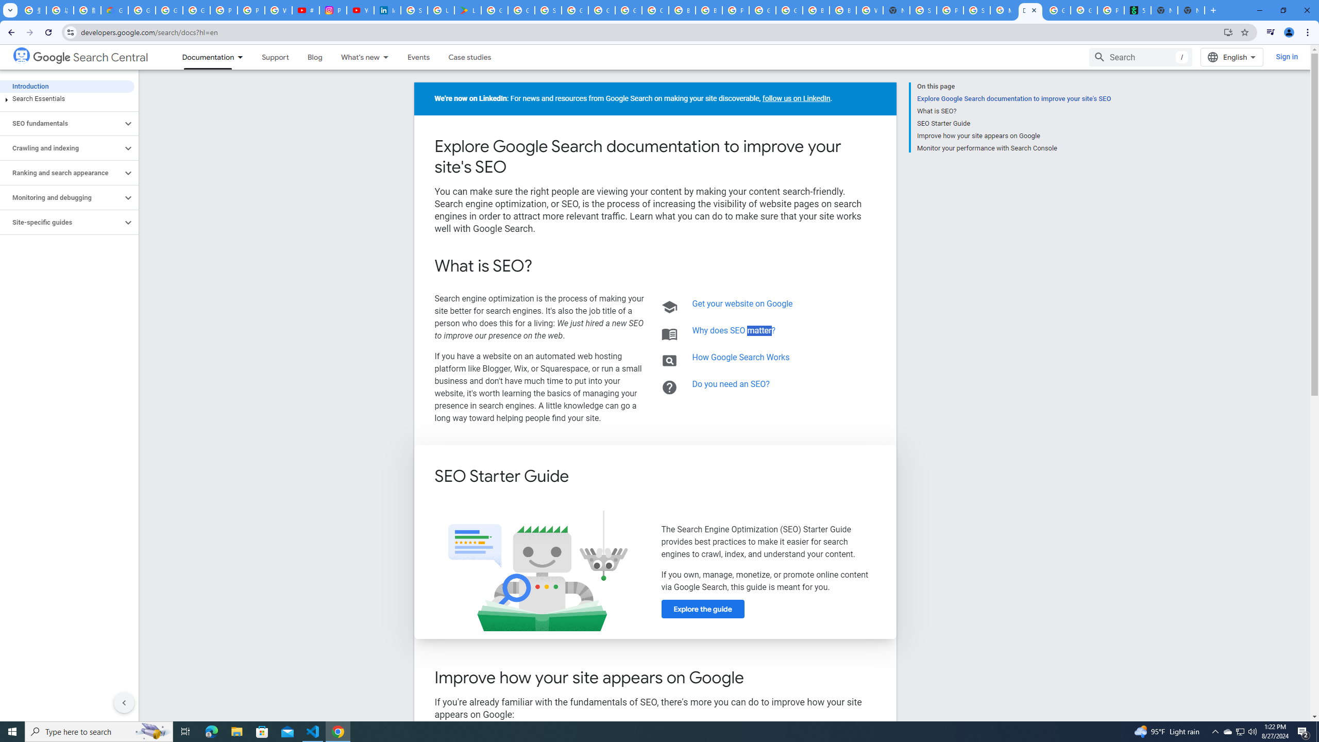 This screenshot has height=742, width=1319. Describe the element at coordinates (582, 477) in the screenshot. I see `'Copy link to this section: SEO Starter Guide '` at that location.